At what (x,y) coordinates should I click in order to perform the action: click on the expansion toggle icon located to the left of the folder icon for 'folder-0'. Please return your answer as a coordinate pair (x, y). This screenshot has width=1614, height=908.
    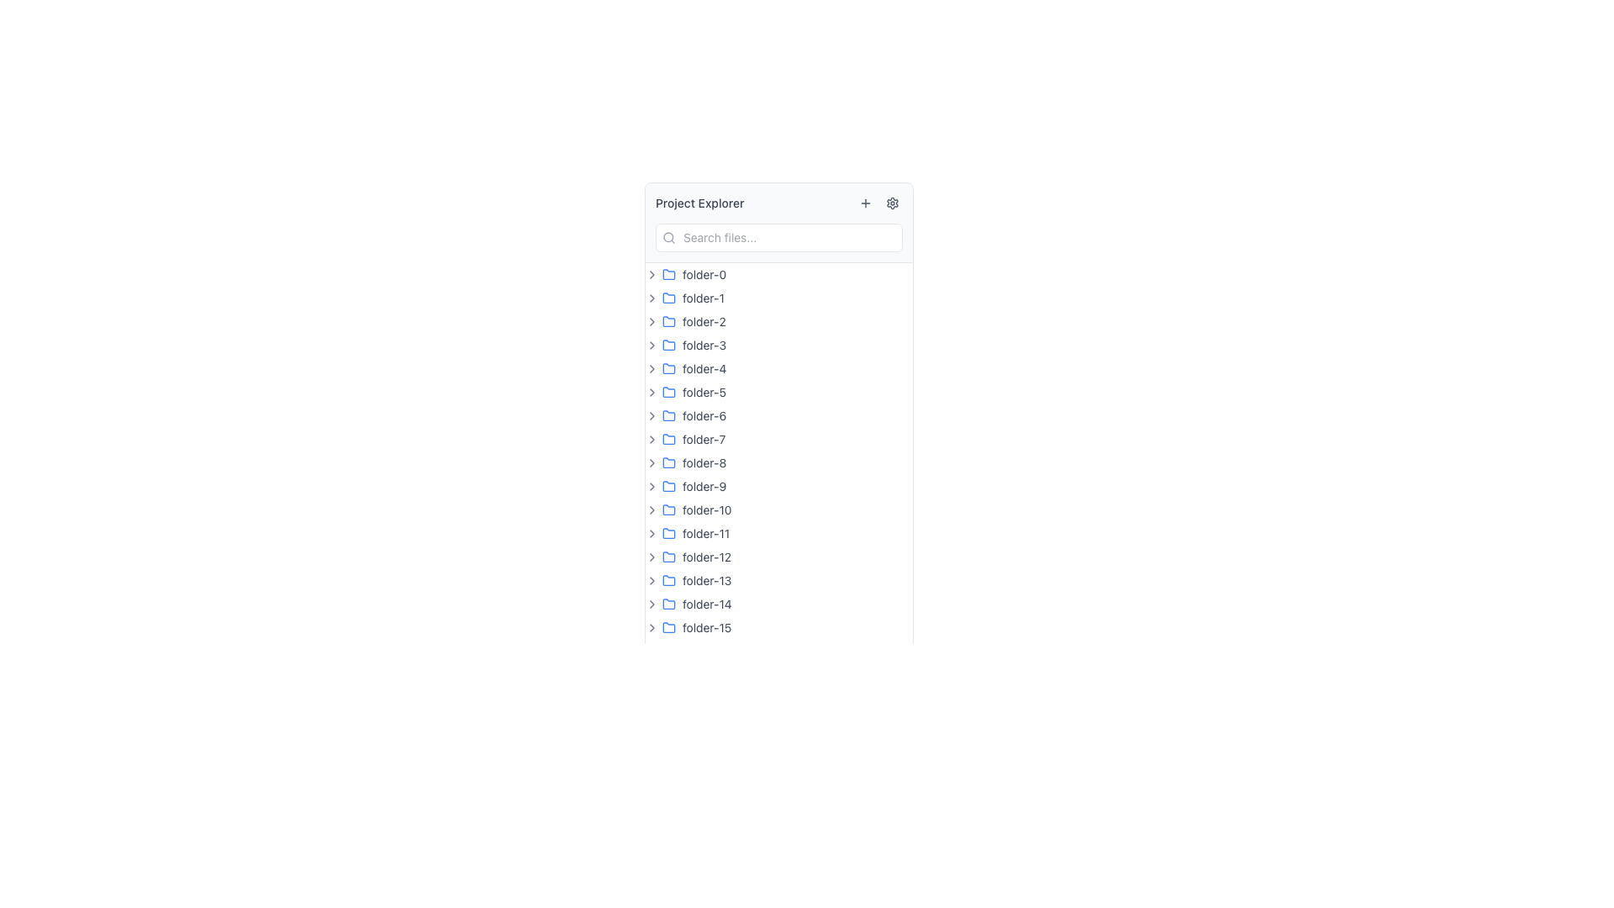
    Looking at the image, I should click on (651, 274).